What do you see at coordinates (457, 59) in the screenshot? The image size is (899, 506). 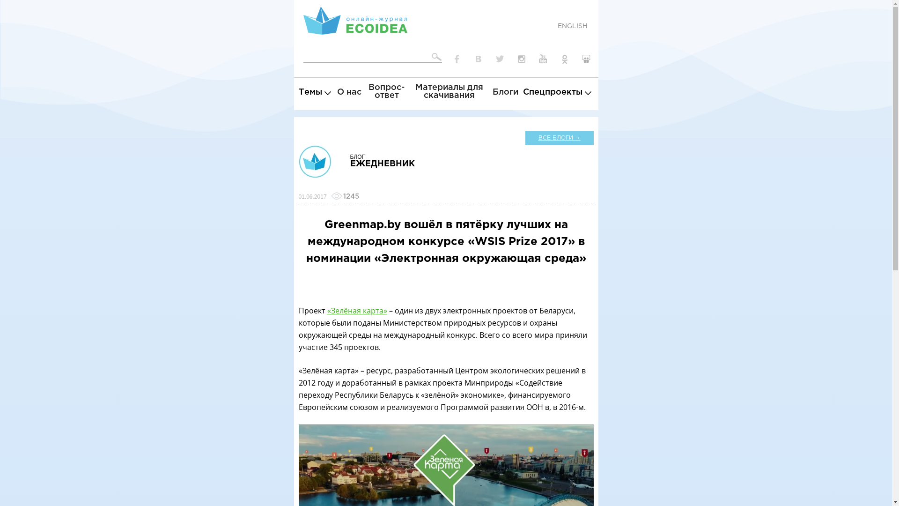 I see `'Facebook'` at bounding box center [457, 59].